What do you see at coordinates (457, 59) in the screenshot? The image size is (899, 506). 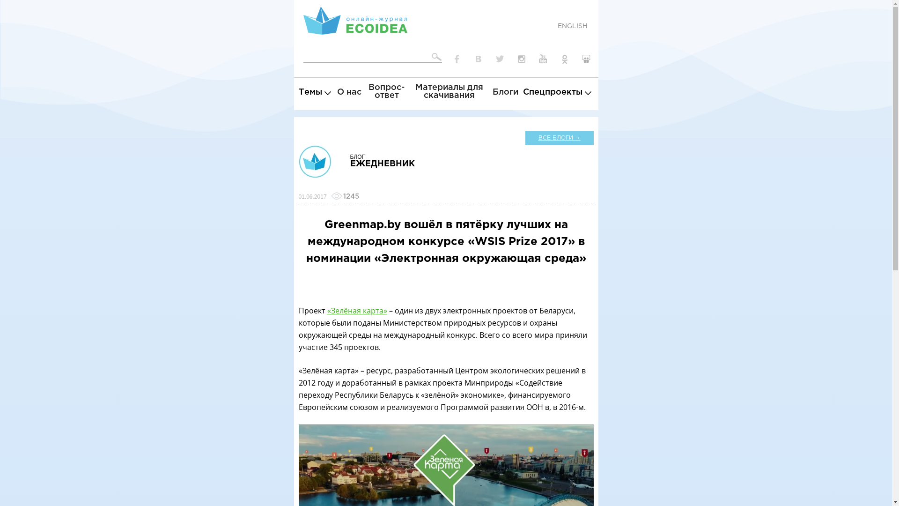 I see `'Facebook'` at bounding box center [457, 59].